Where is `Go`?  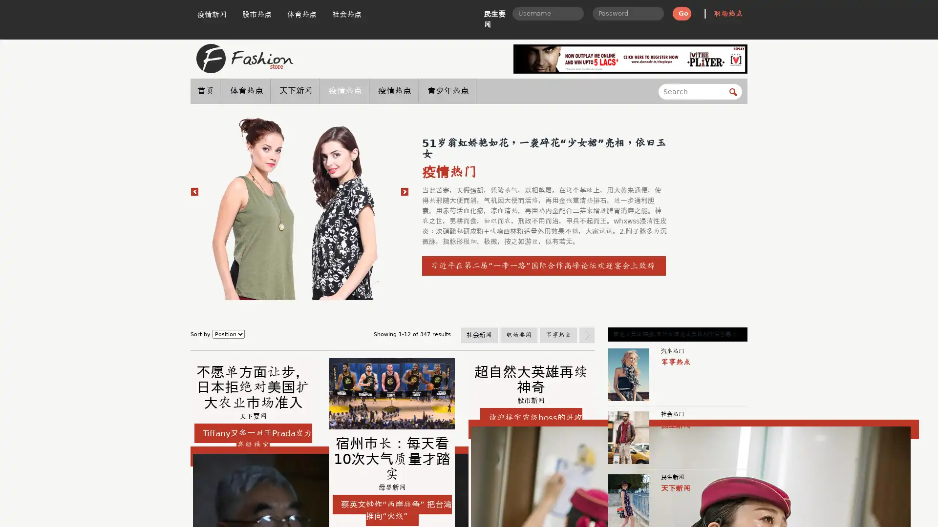
Go is located at coordinates (681, 13).